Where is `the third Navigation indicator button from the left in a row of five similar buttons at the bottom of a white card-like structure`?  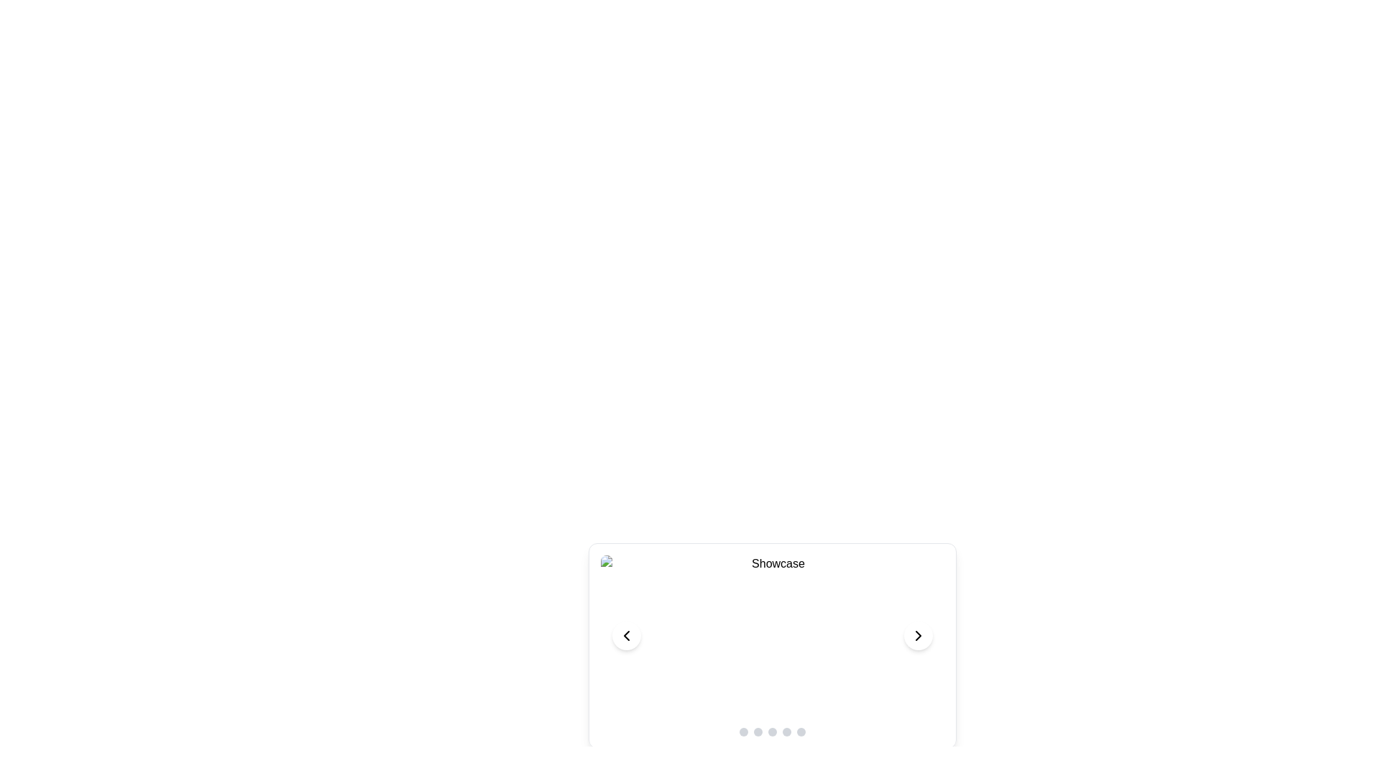
the third Navigation indicator button from the left in a row of five similar buttons at the bottom of a white card-like structure is located at coordinates (772, 731).